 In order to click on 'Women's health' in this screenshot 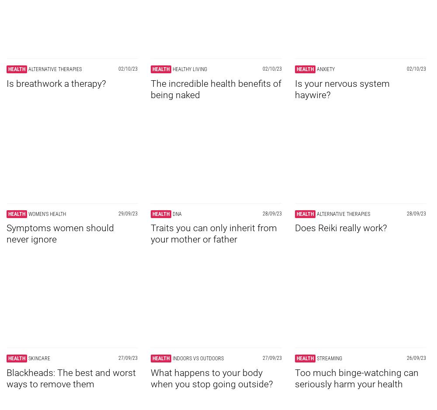, I will do `click(28, 214)`.